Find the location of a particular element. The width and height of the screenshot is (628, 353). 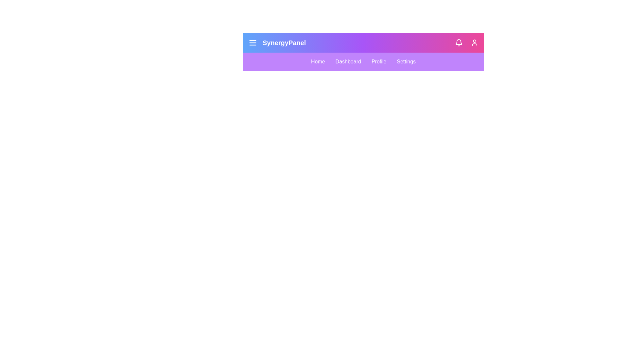

the menu icon to toggle the menu is located at coordinates (252, 43).